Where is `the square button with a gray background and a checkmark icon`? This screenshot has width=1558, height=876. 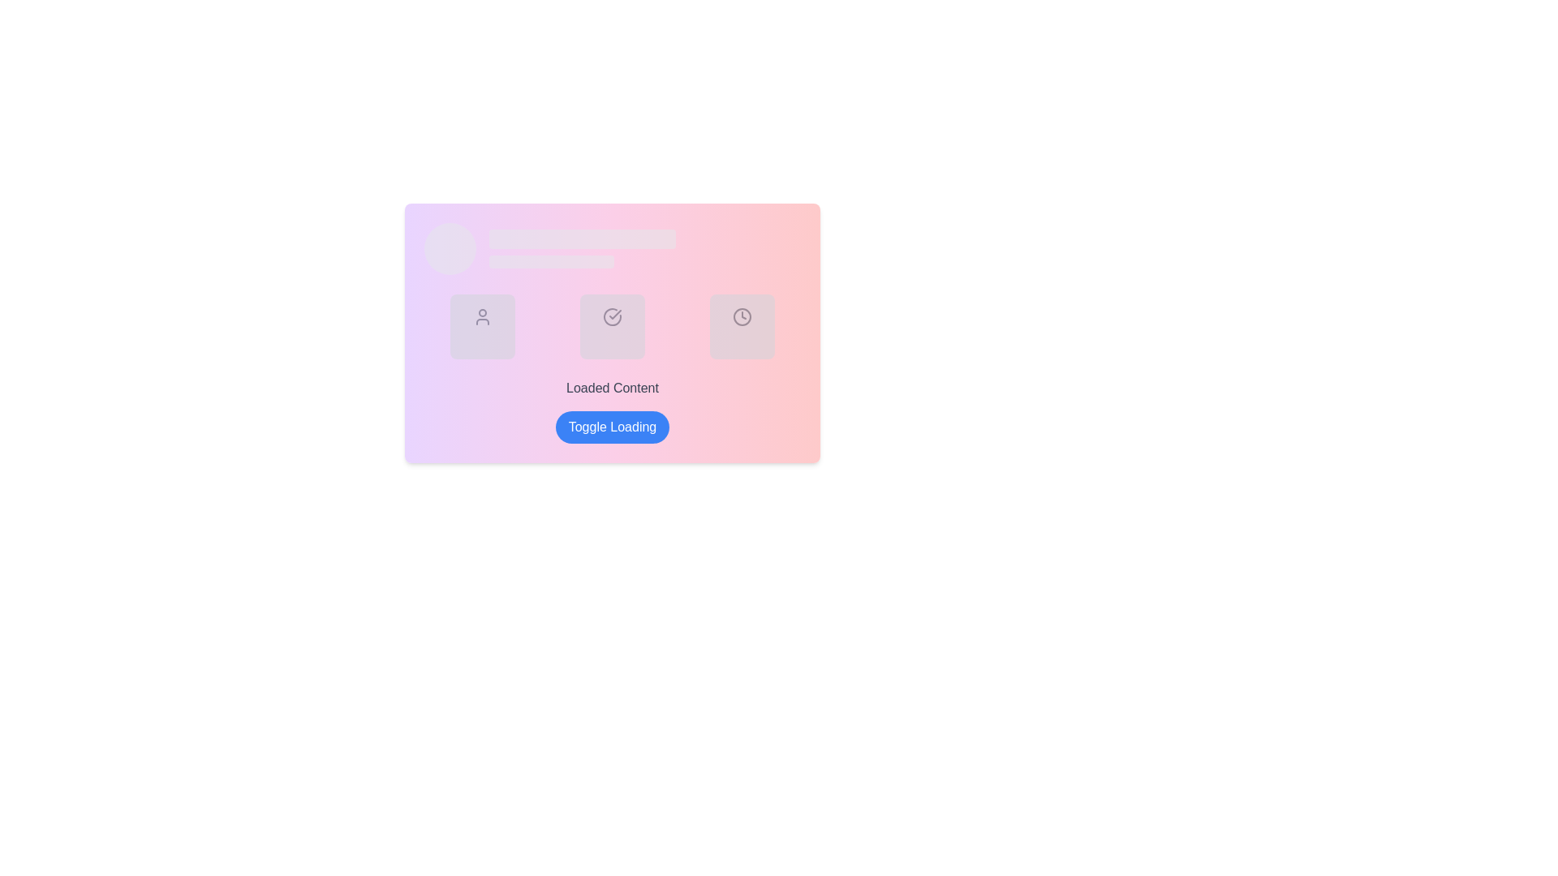 the square button with a gray background and a checkmark icon is located at coordinates (611, 333).